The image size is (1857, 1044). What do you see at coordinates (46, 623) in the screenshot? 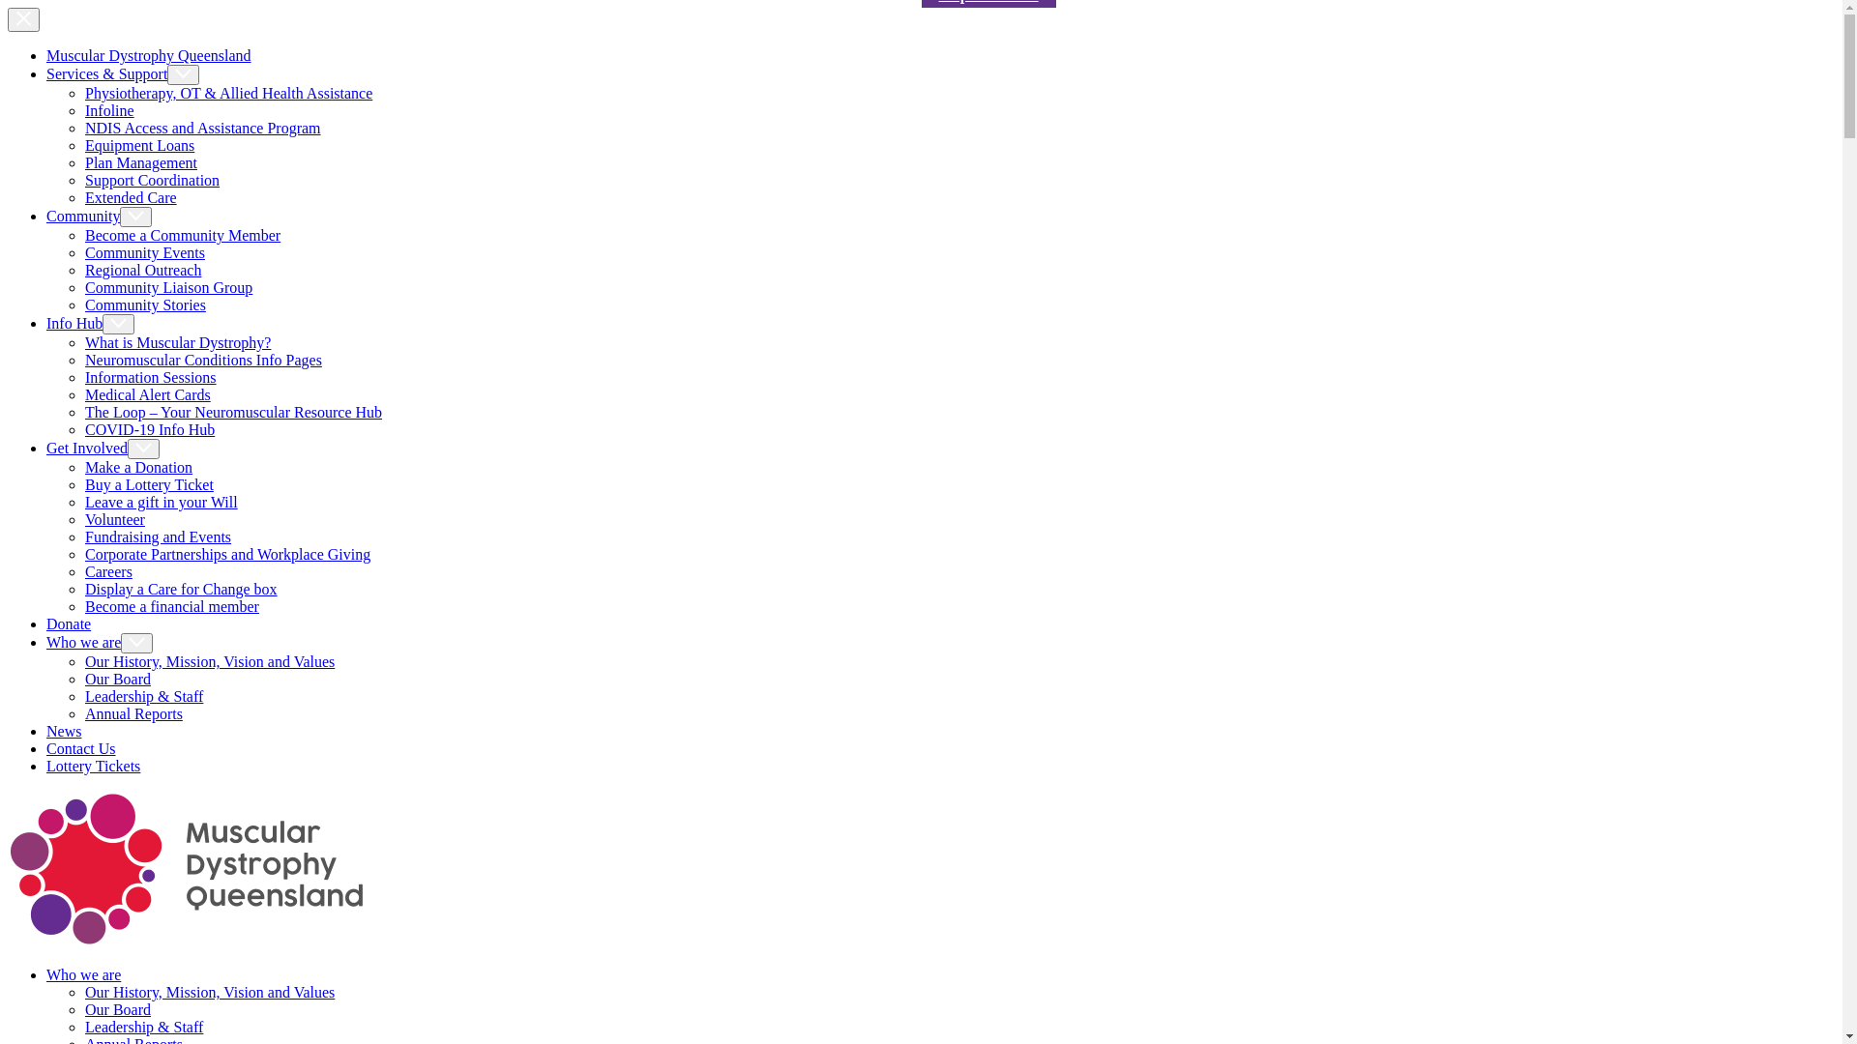
I see `'Donate'` at bounding box center [46, 623].